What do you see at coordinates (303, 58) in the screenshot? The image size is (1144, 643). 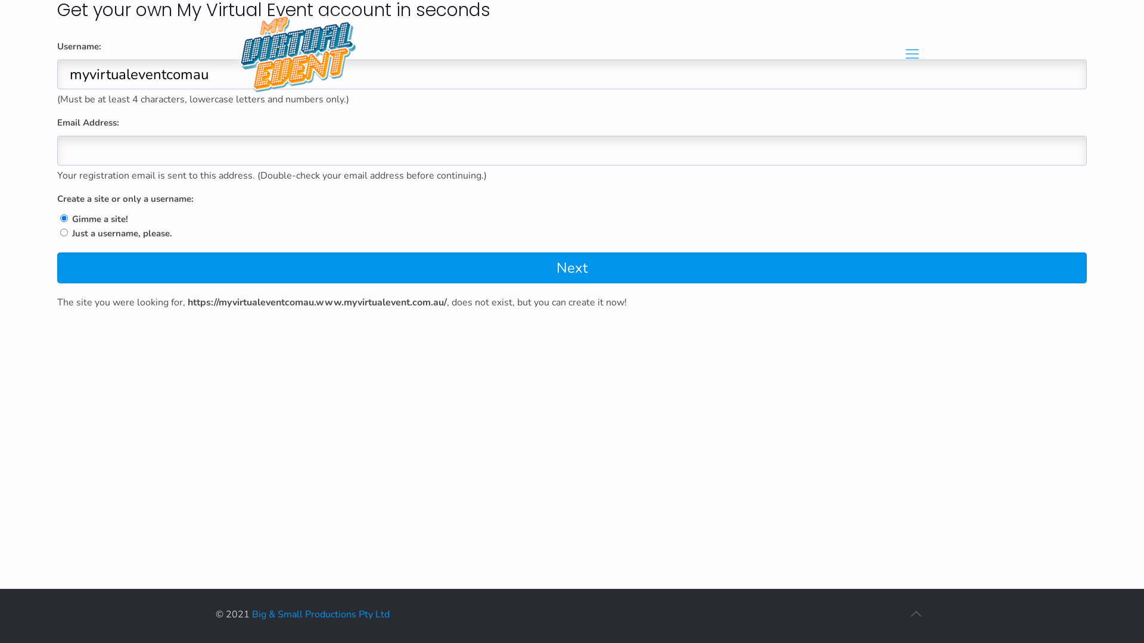 I see `'My Virtual Event Platform Australia'` at bounding box center [303, 58].